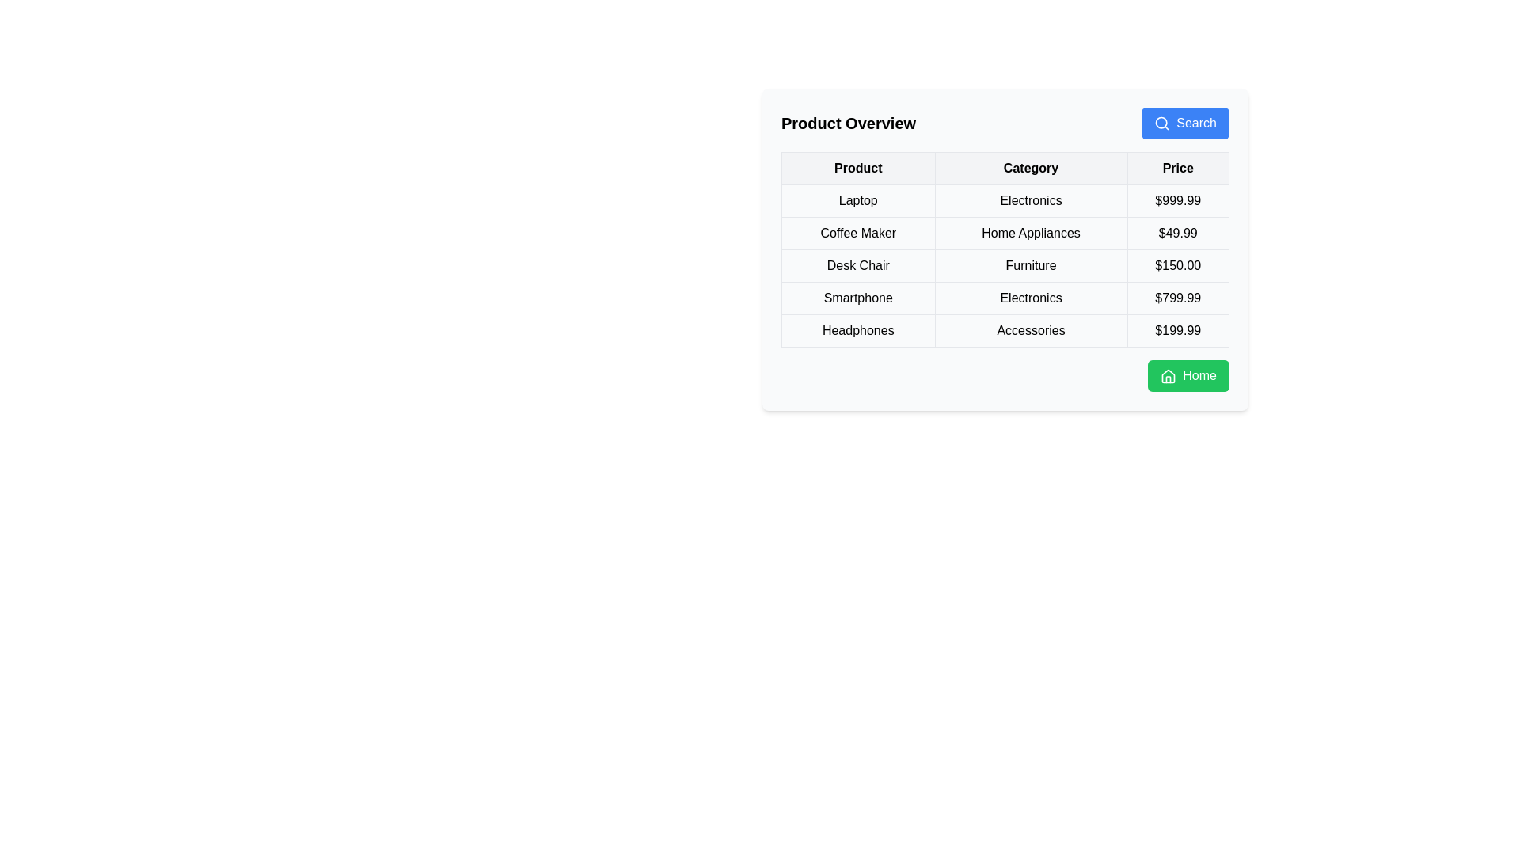 This screenshot has height=855, width=1520. What do you see at coordinates (1178, 200) in the screenshot?
I see `the price label displaying '$999.99', which is located on the rightmost side of the table row under the 'Price' column` at bounding box center [1178, 200].